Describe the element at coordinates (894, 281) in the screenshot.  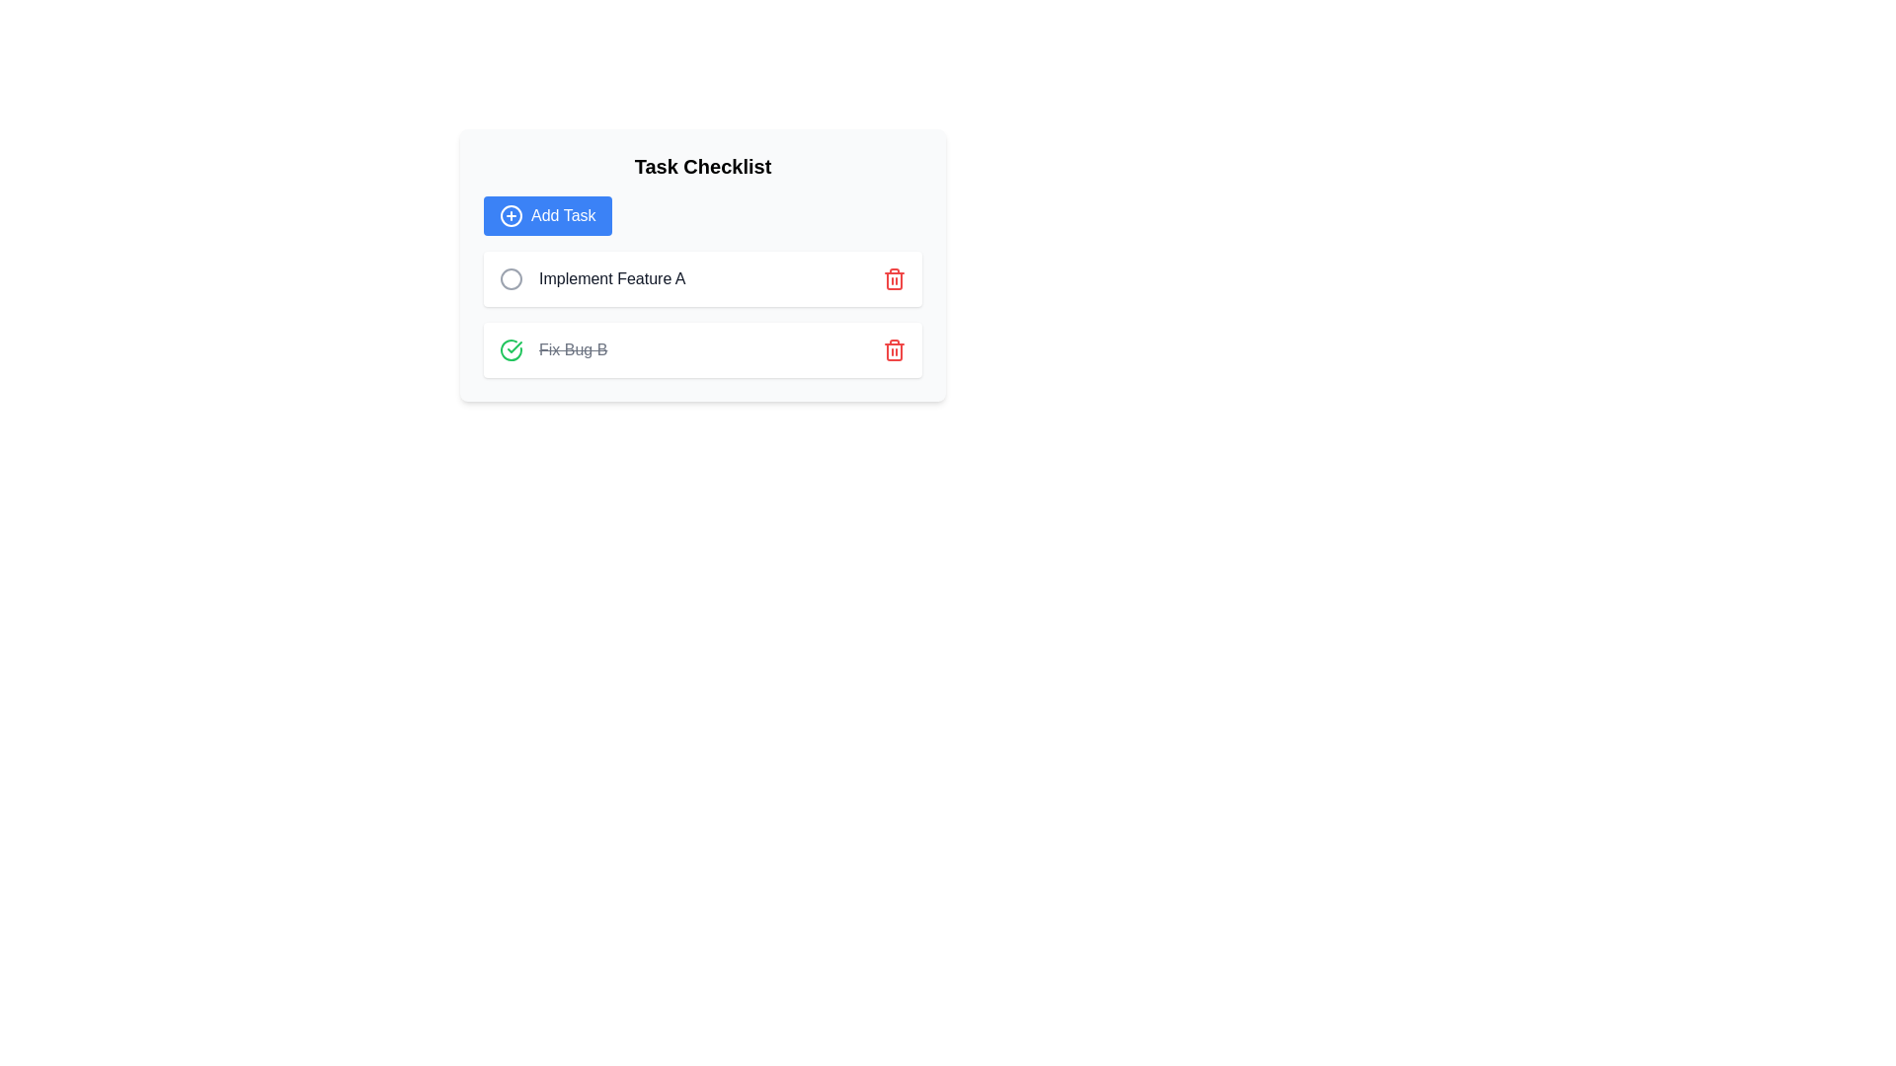
I see `the middle component of the red-colored trash can icon, which represents a delete action within the UI` at that location.